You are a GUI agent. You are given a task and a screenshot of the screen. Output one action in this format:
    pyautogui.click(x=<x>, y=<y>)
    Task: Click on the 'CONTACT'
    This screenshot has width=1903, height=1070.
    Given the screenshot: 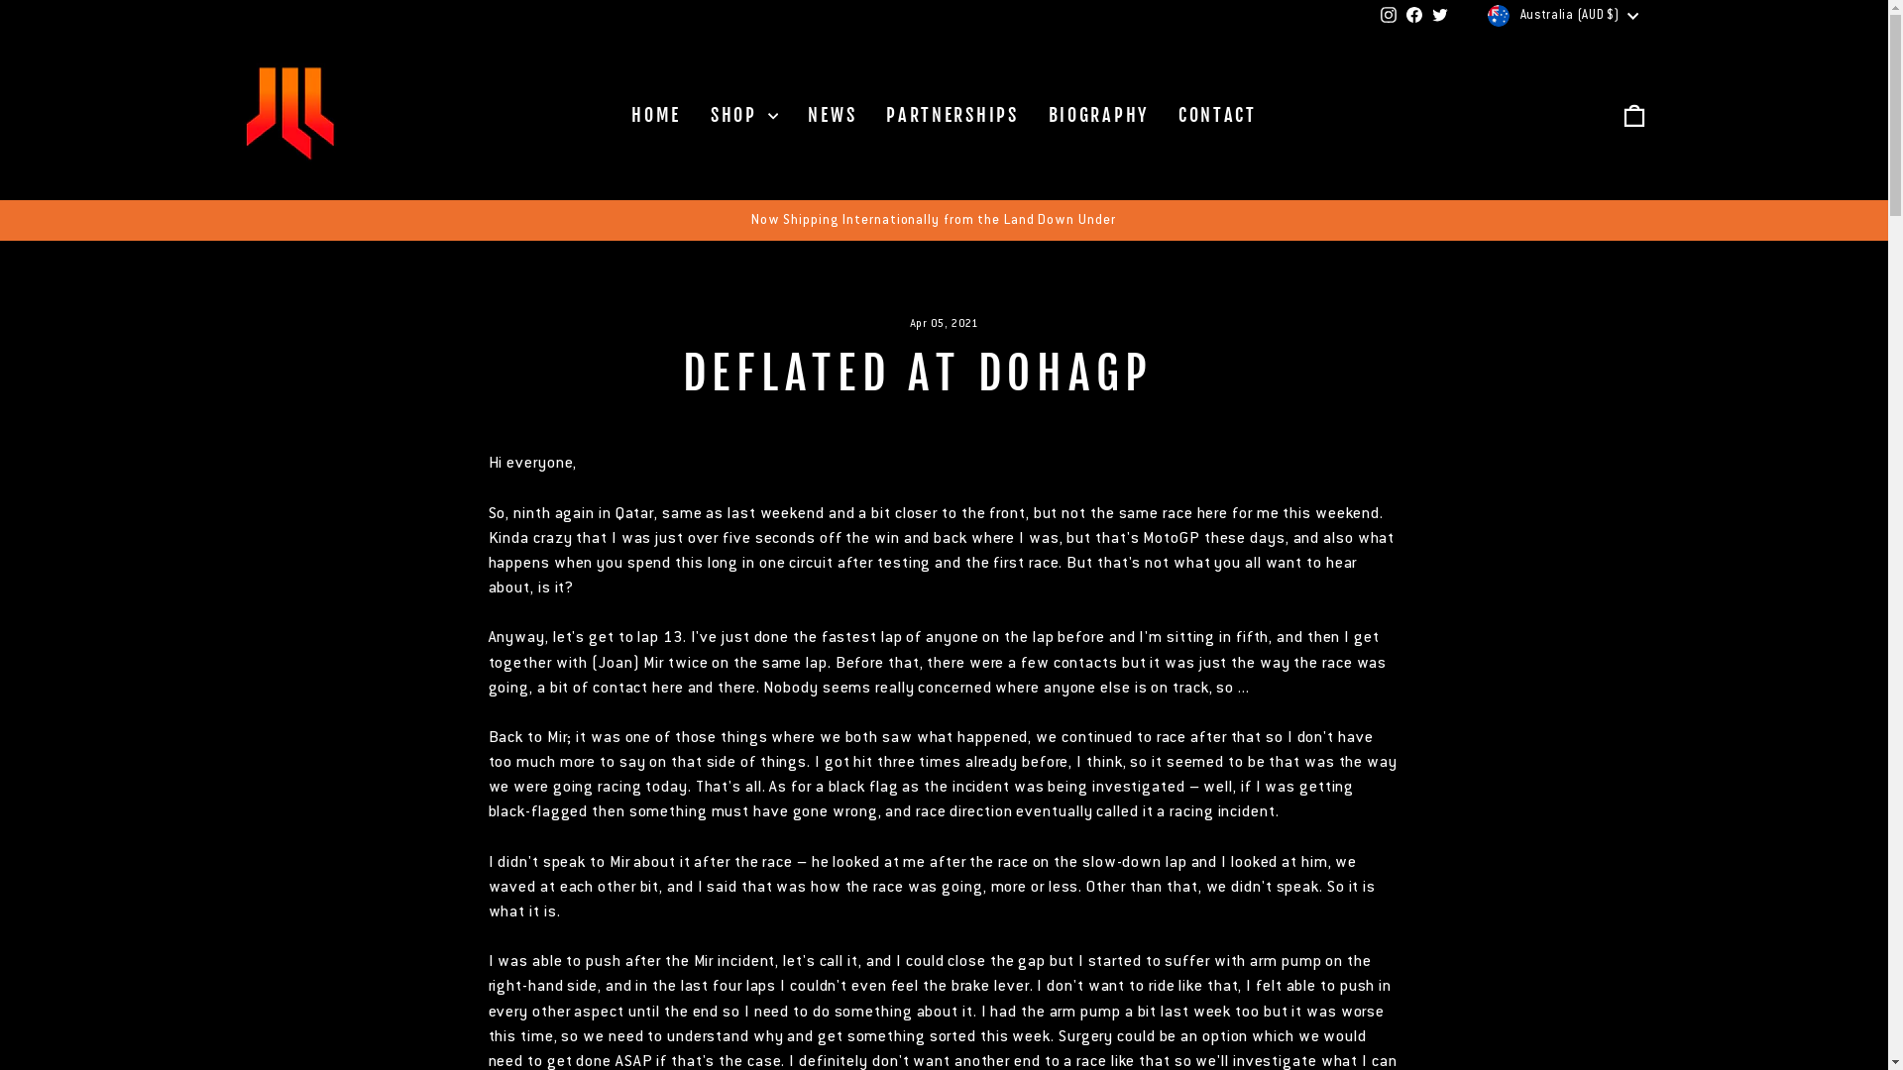 What is the action you would take?
    pyautogui.click(x=1216, y=116)
    